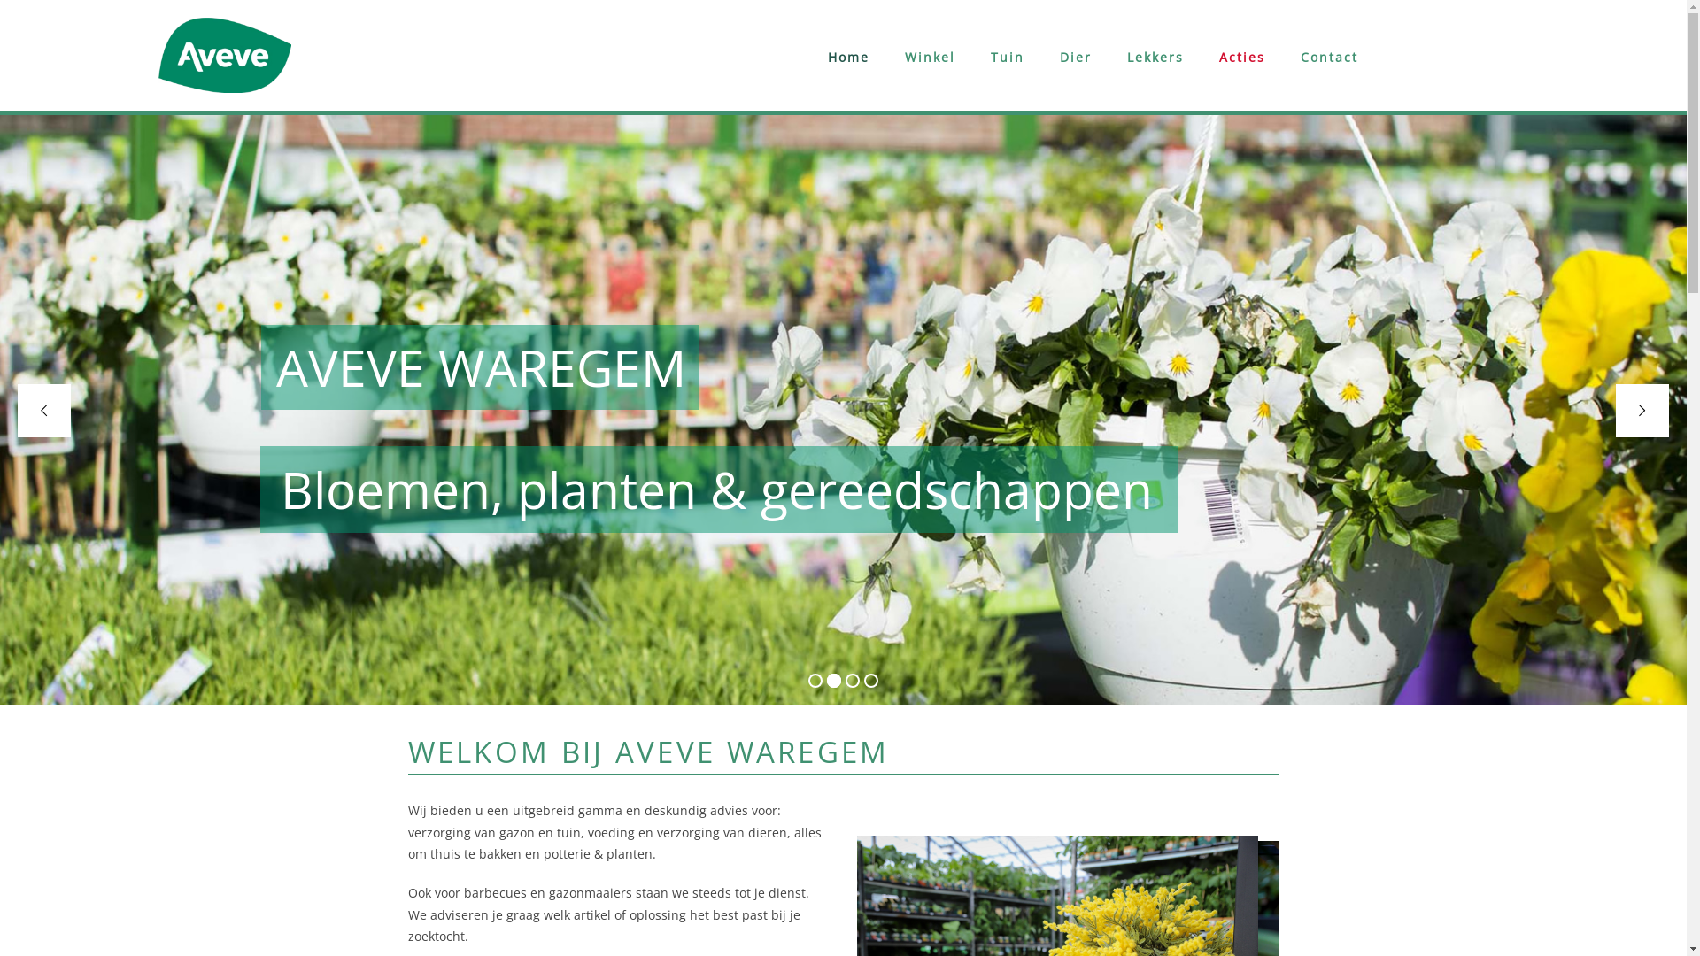  What do you see at coordinates (847, 57) in the screenshot?
I see `'Home'` at bounding box center [847, 57].